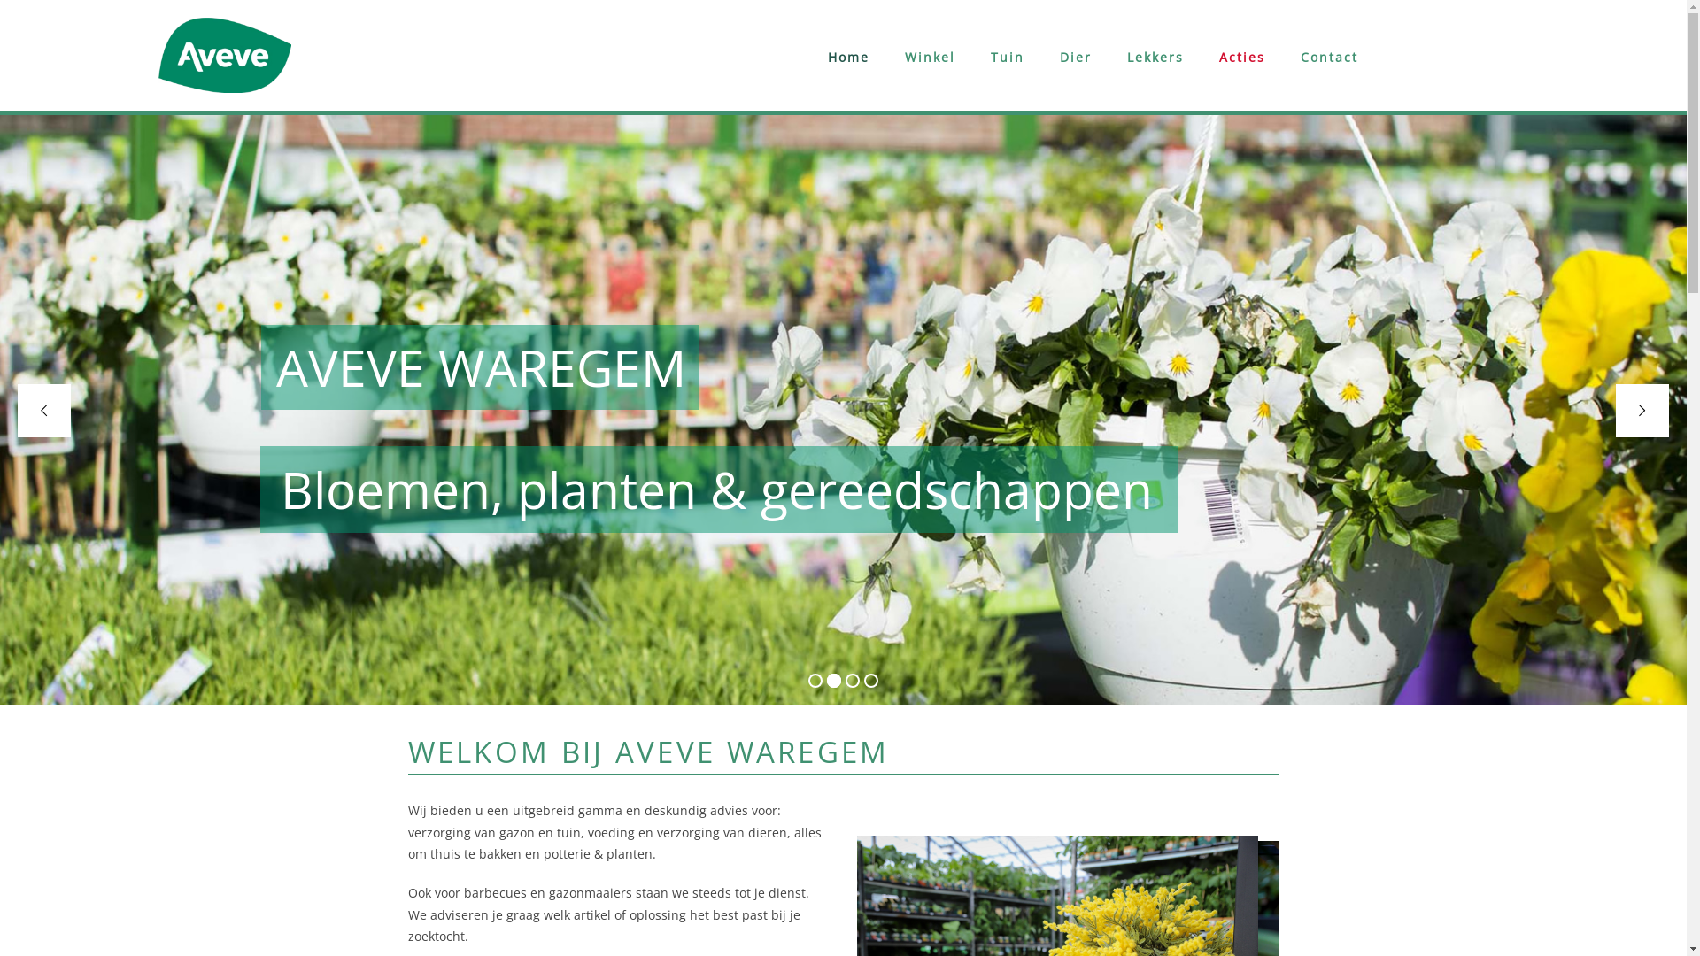  What do you see at coordinates (847, 57) in the screenshot?
I see `'Home'` at bounding box center [847, 57].